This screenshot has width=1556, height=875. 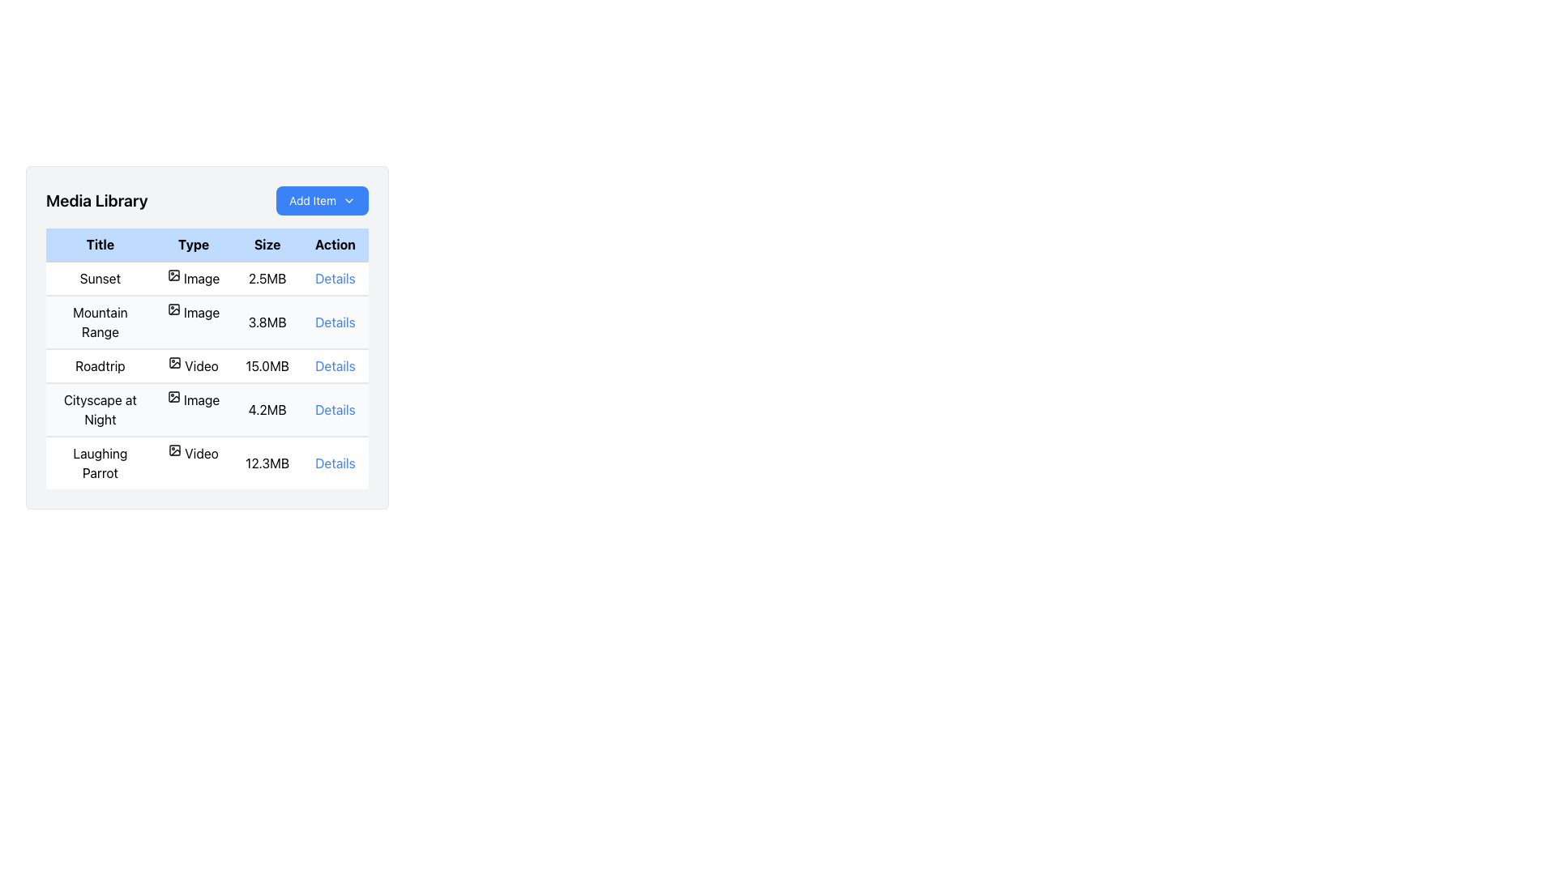 I want to click on the second row of the 'Media Library' table to read the content details of the media, which displays metadata about the media file 'Mountain Range', so click(x=206, y=322).